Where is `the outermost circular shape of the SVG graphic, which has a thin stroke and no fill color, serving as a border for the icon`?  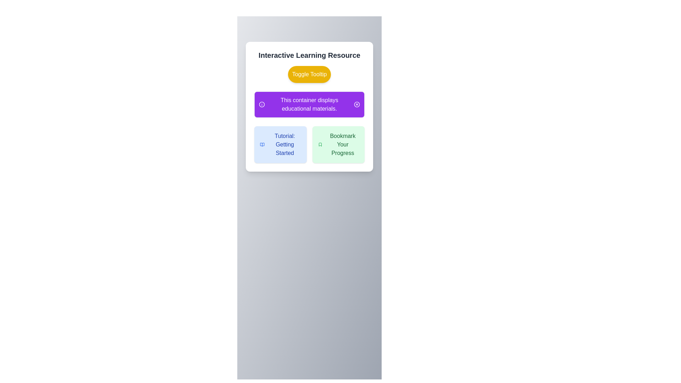 the outermost circular shape of the SVG graphic, which has a thin stroke and no fill color, serving as a border for the icon is located at coordinates (261, 104).